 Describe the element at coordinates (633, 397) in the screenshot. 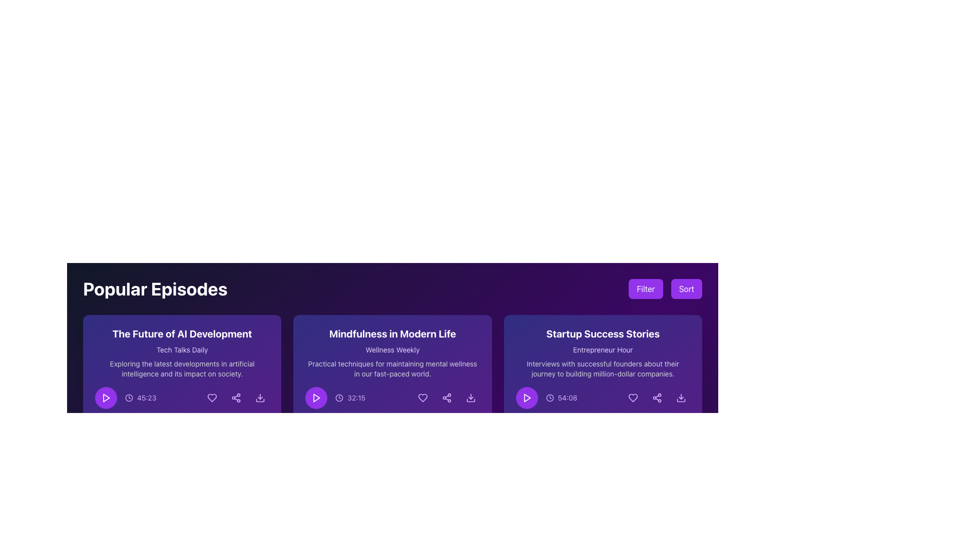

I see `the 'like' or 'favorite' button located in the lower-right corner of the 'Startup Success Stories' card to mark the content as a favorite` at that location.